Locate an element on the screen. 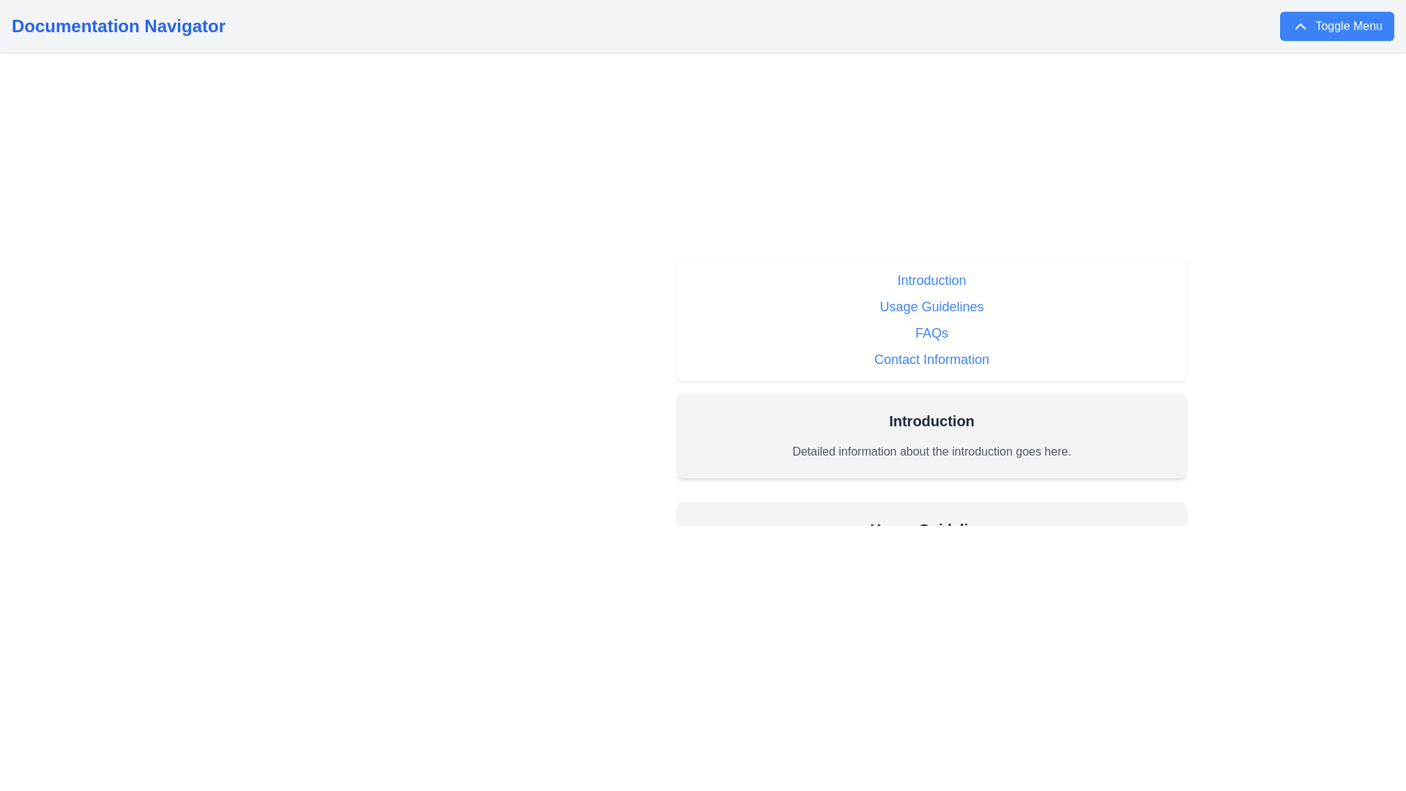  any item link in the vertical navigation menu, which includes 'Introduction', 'Usage Guidelines', 'FAQs', and 'Contact Information', styled in blue and underlined when hovered over is located at coordinates (931, 319).